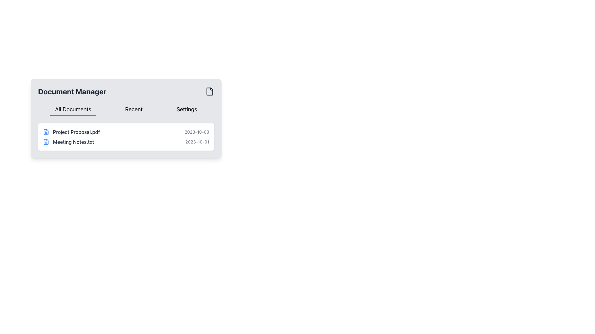 This screenshot has width=595, height=334. Describe the element at coordinates (76, 132) in the screenshot. I see `the text label displaying 'Project Proposal.pdf' in dark gray font within the 'Document Manager' interface` at that location.